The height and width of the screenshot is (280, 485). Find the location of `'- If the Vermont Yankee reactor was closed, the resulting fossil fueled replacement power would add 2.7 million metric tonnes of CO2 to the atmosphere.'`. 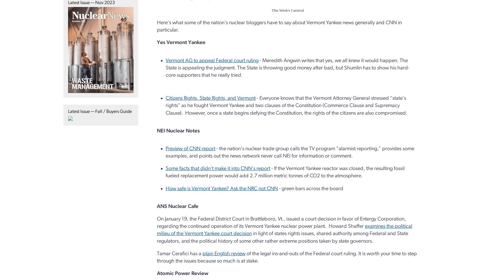

'- If the Vermont Yankee reactor was closed, the resulting fossil fueled replacement power would add 2.7 million metric tonnes of CO2 to the atmosphere.' is located at coordinates (285, 172).